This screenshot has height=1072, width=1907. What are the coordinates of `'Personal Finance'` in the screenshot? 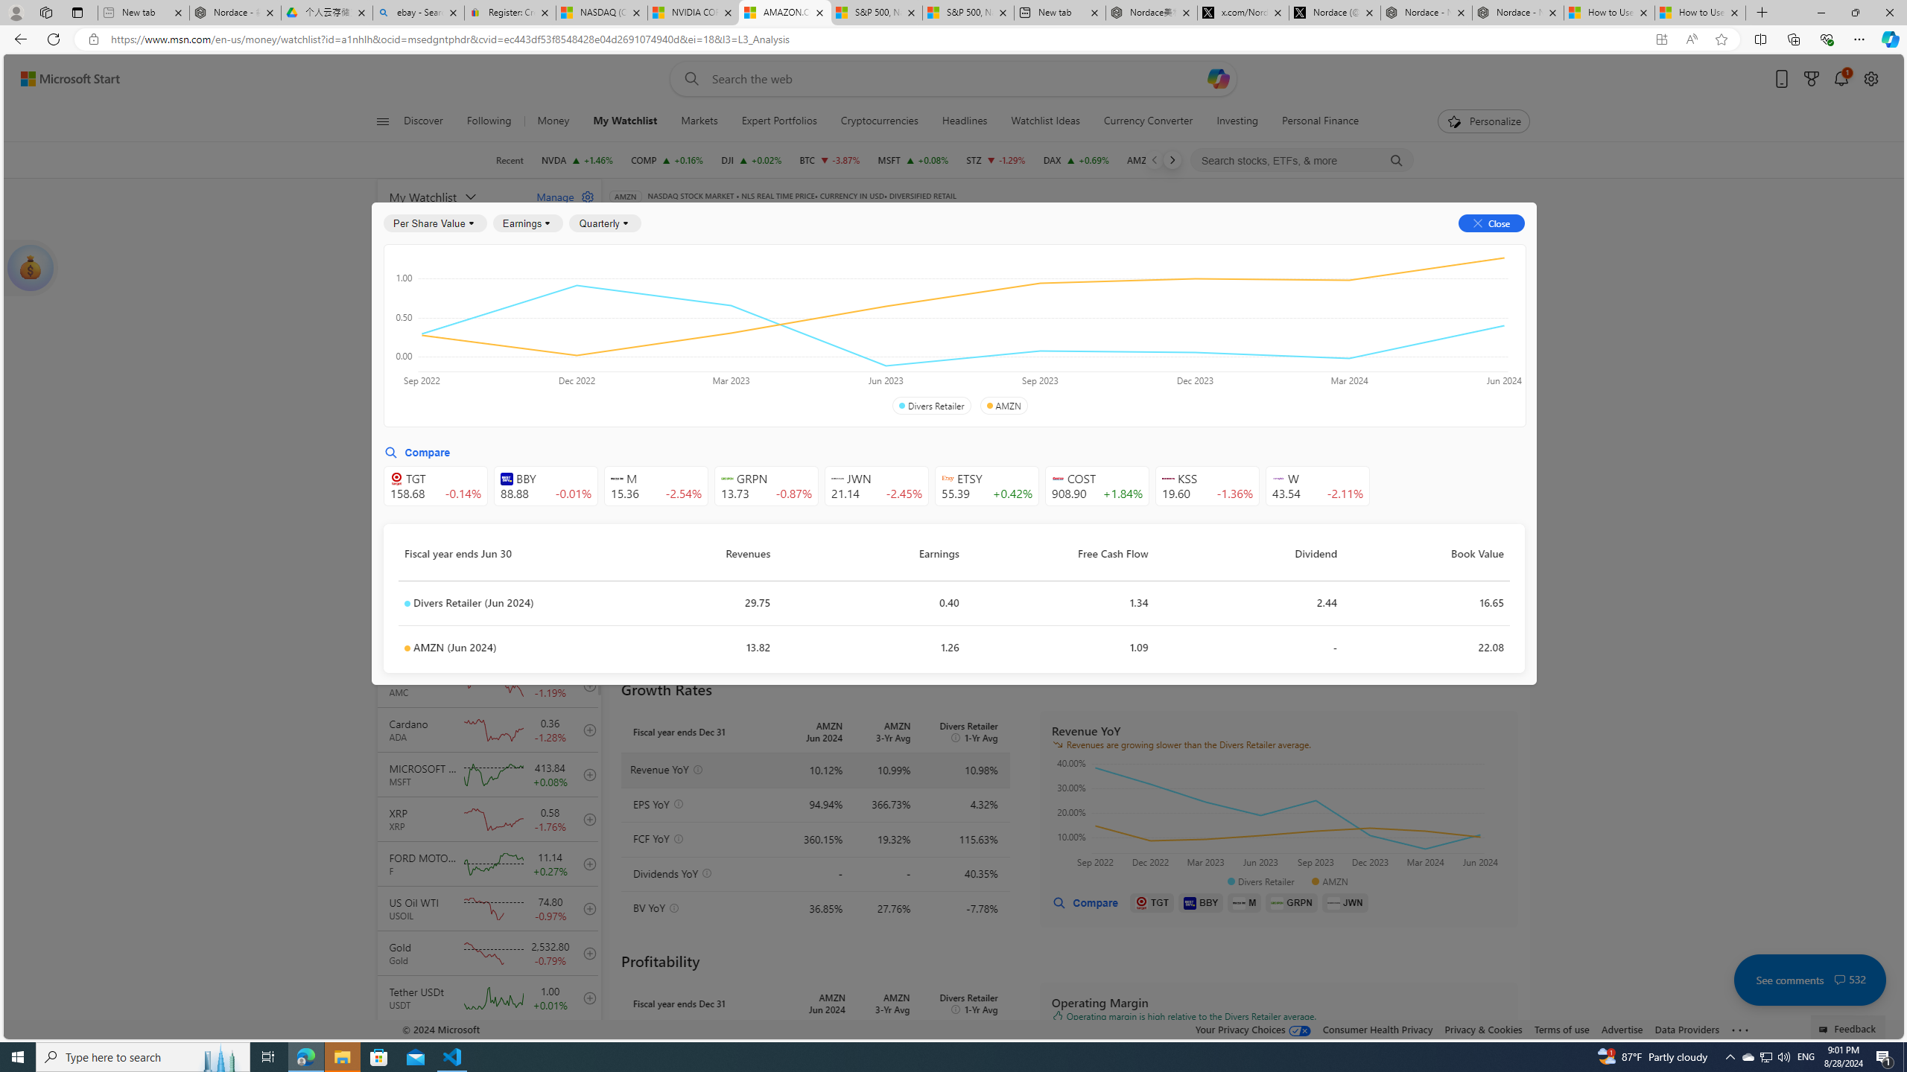 It's located at (1320, 121).